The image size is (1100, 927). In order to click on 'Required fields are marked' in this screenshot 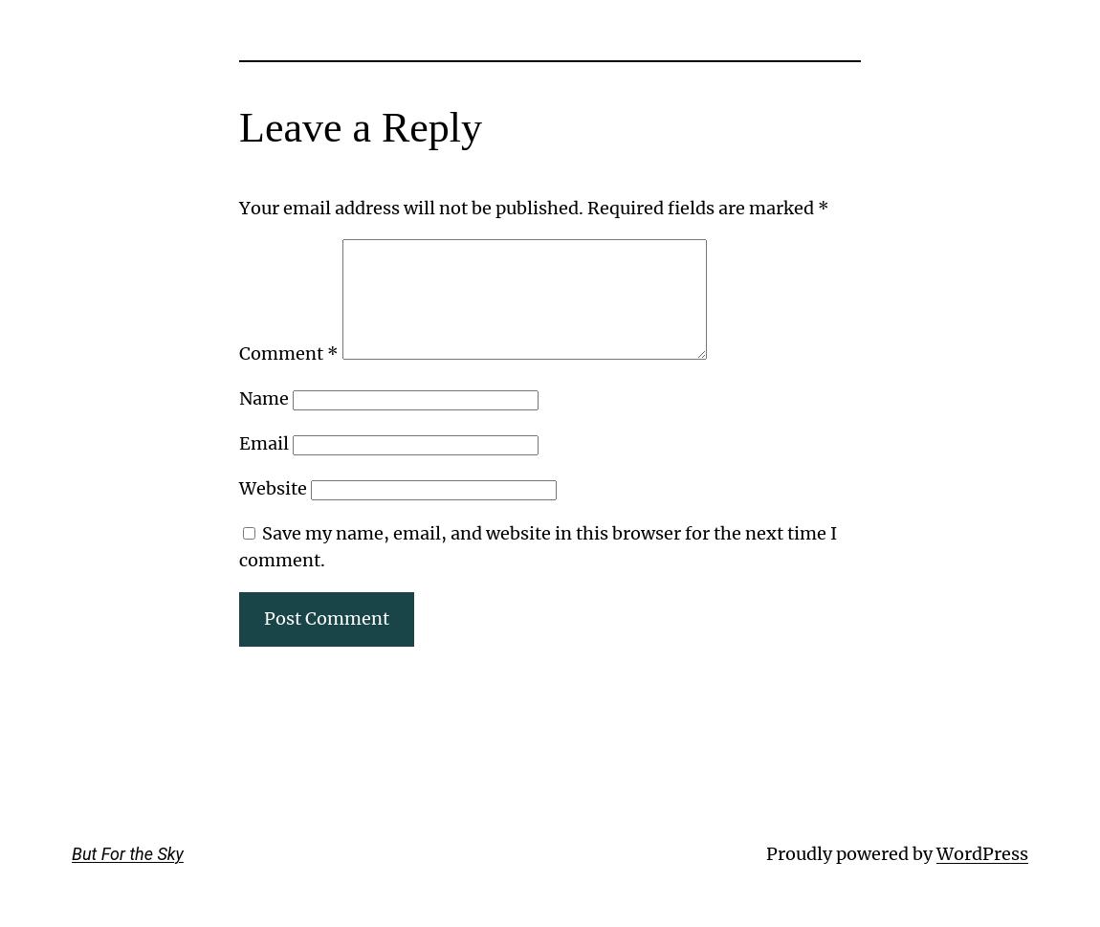, I will do `click(585, 207)`.